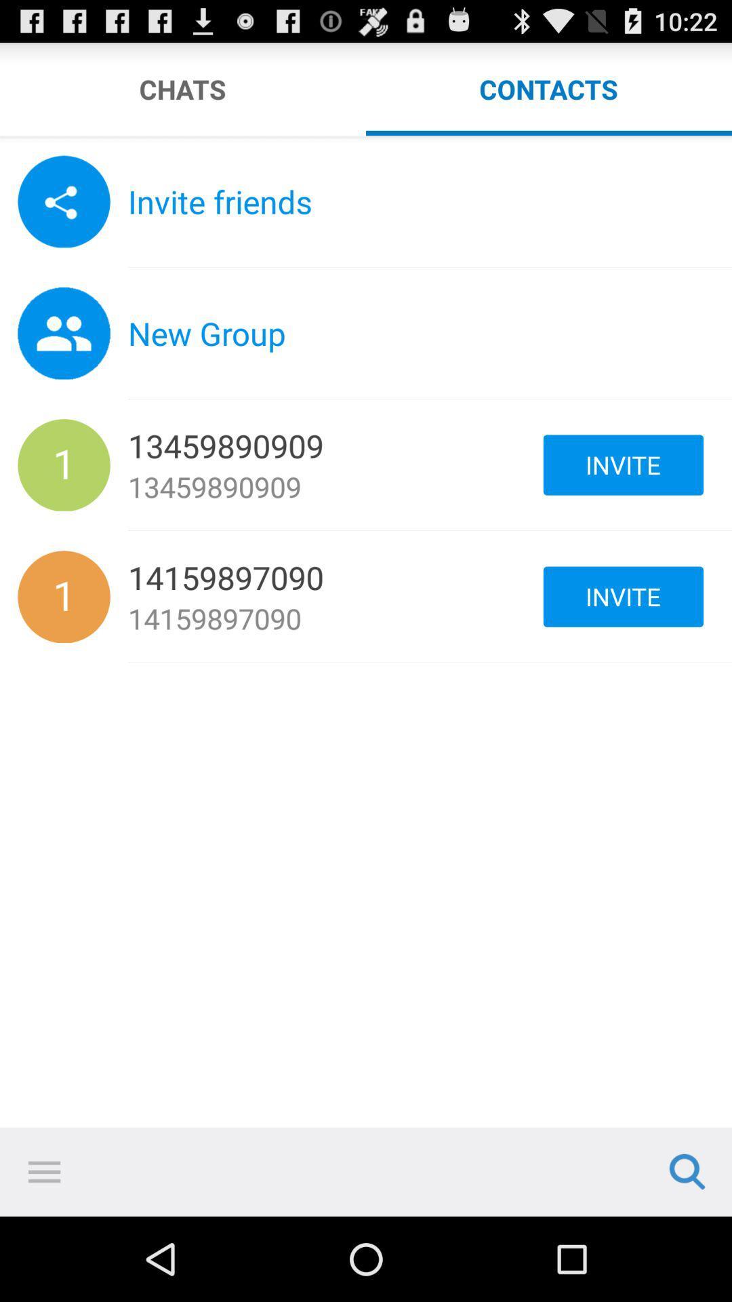 This screenshot has height=1302, width=732. Describe the element at coordinates (366, 139) in the screenshot. I see `chose to sort by the chat or the contact` at that location.